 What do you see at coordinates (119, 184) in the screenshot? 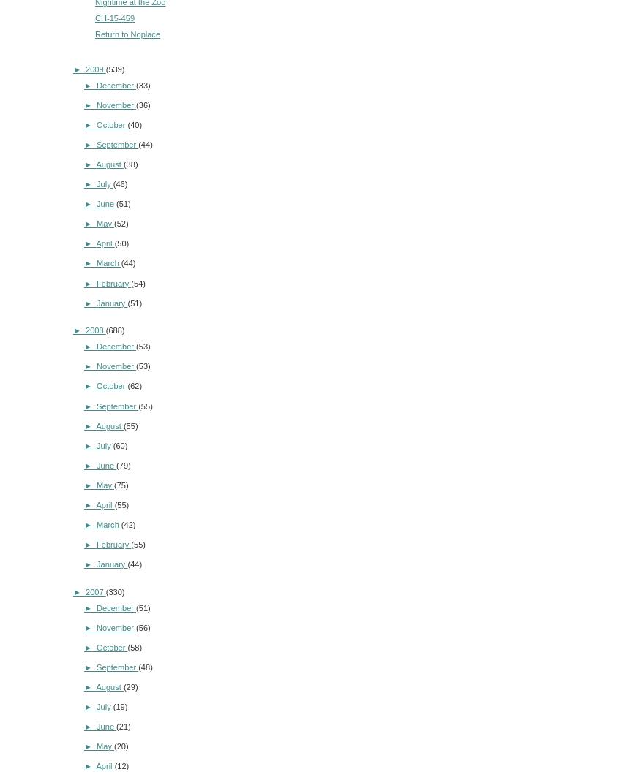
I see `'(46)'` at bounding box center [119, 184].